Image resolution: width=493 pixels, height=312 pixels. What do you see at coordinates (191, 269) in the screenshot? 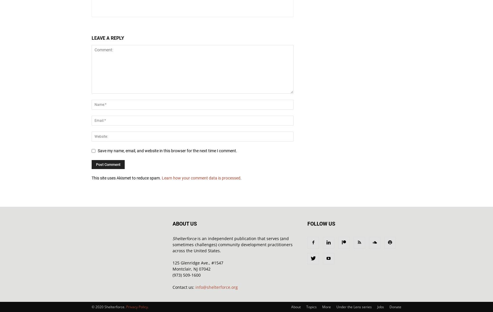
I see `'Montclair, NJ 07042'` at bounding box center [191, 269].